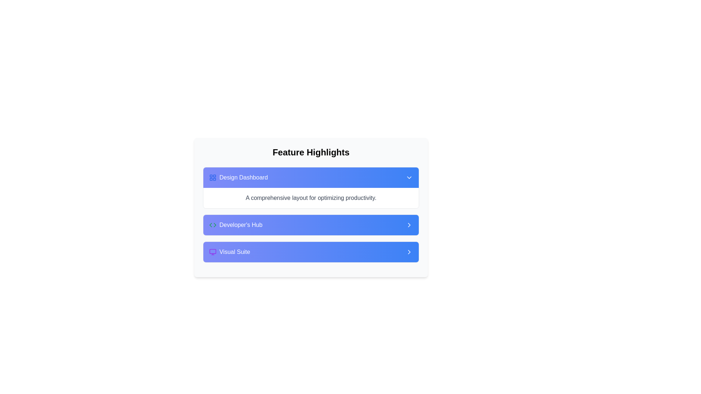 Image resolution: width=701 pixels, height=394 pixels. What do you see at coordinates (210, 225) in the screenshot?
I see `the left chevron icon within the 'Developer's Hub' row of the feature highlights list` at bounding box center [210, 225].